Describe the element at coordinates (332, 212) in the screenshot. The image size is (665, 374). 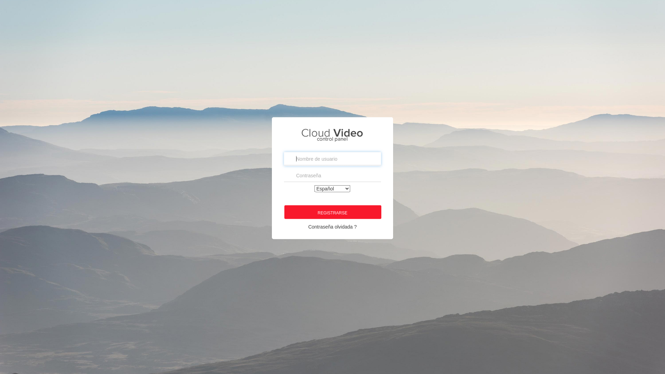
I see `'REGISTRARSE'` at that location.